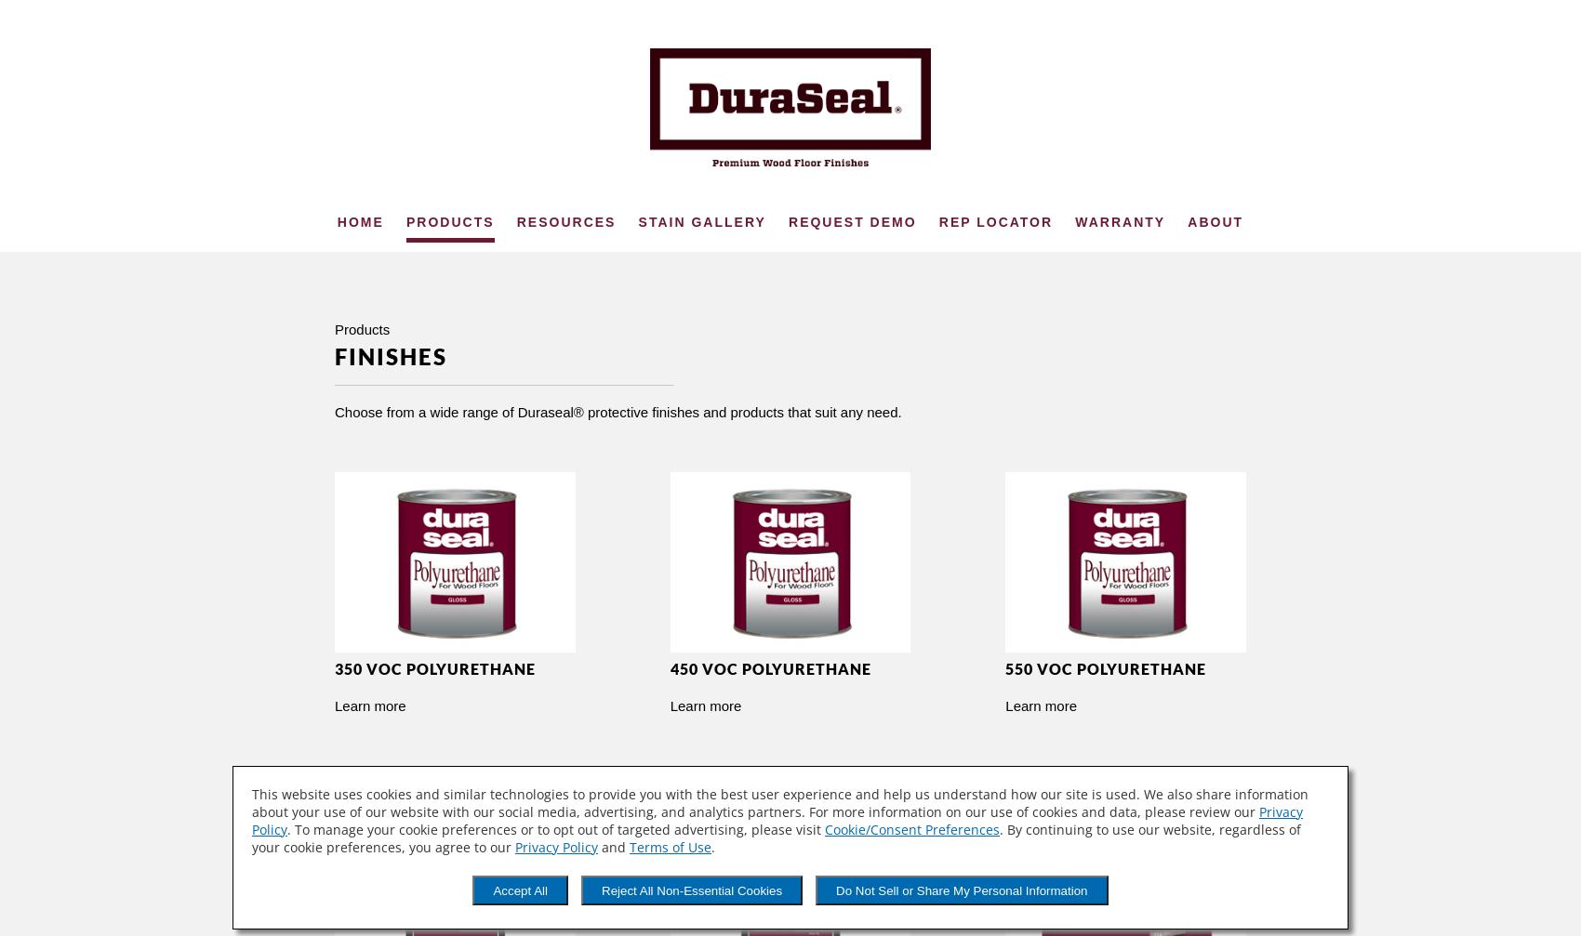 The height and width of the screenshot is (936, 1581). Describe the element at coordinates (769, 667) in the screenshot. I see `'450 VOC Polyurethane'` at that location.